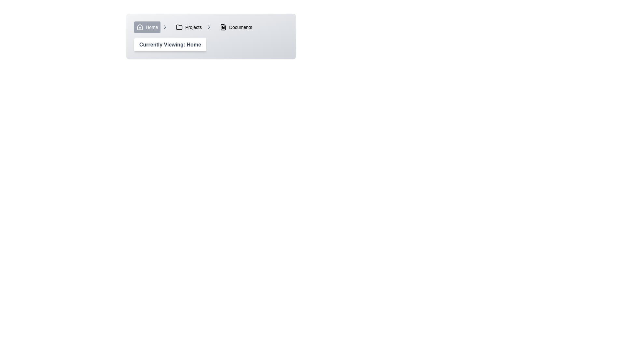  What do you see at coordinates (140, 27) in the screenshot?
I see `the navigation icon resembling a stylized house, located to the left of the 'Home' text` at bounding box center [140, 27].